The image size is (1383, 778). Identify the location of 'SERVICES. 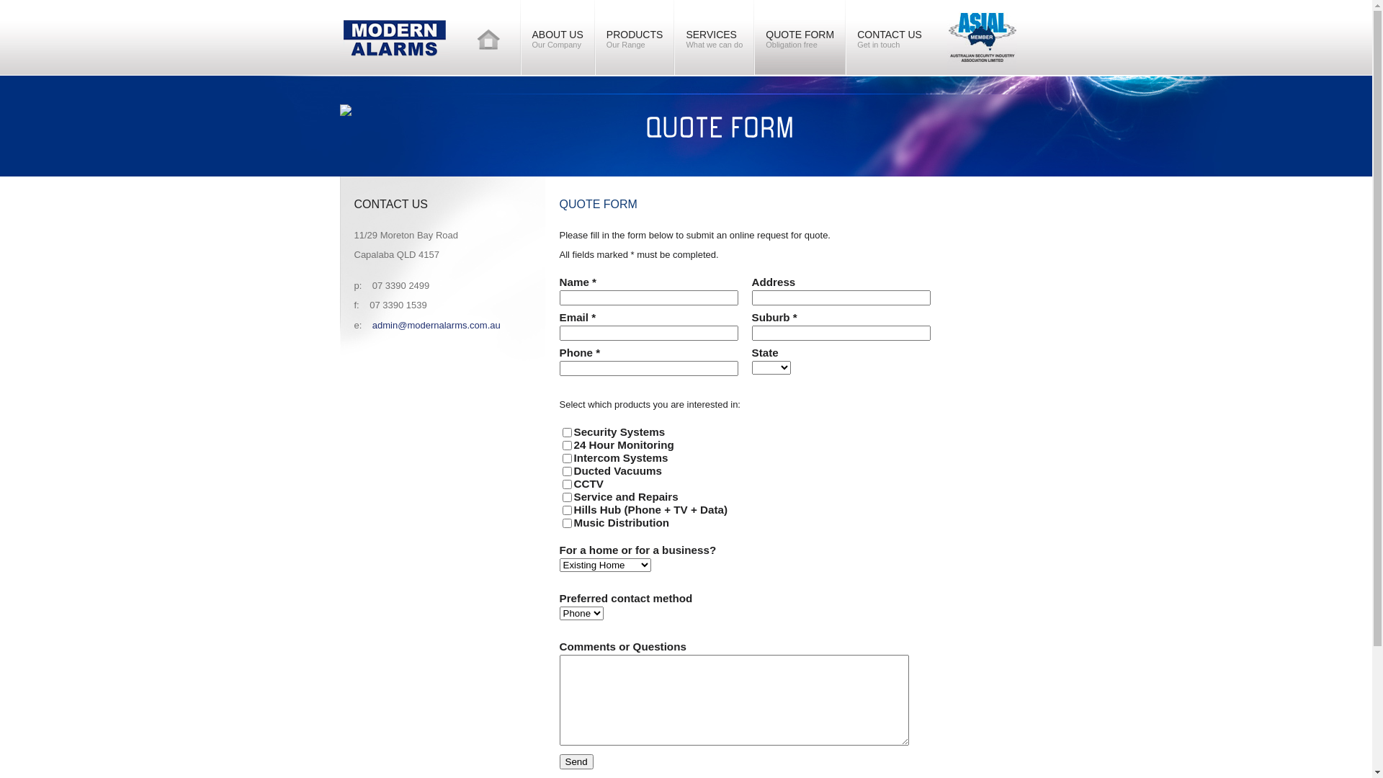
(714, 36).